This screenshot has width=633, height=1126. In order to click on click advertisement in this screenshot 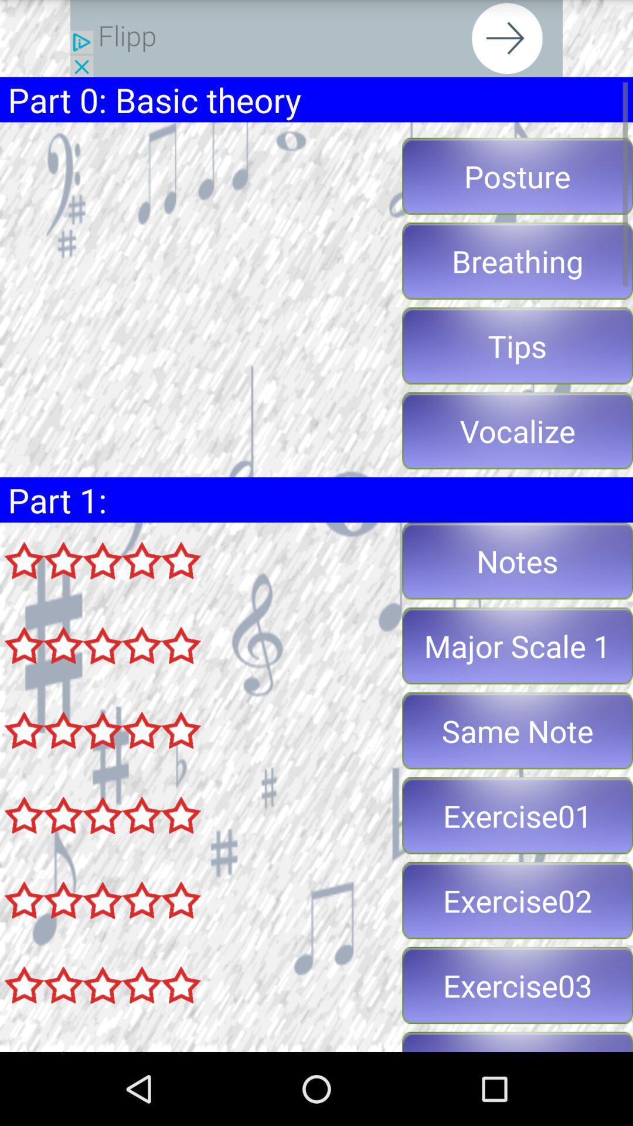, I will do `click(316, 38)`.